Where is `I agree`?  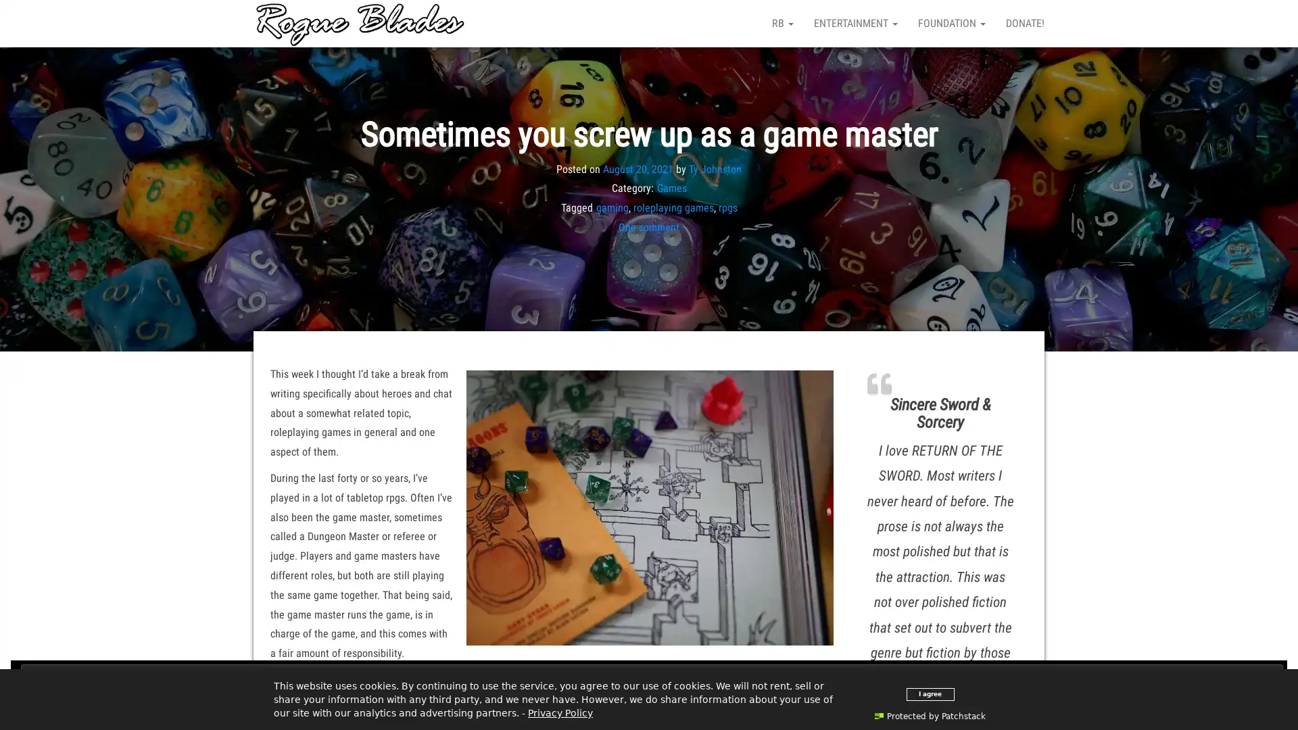 I agree is located at coordinates (929, 693).